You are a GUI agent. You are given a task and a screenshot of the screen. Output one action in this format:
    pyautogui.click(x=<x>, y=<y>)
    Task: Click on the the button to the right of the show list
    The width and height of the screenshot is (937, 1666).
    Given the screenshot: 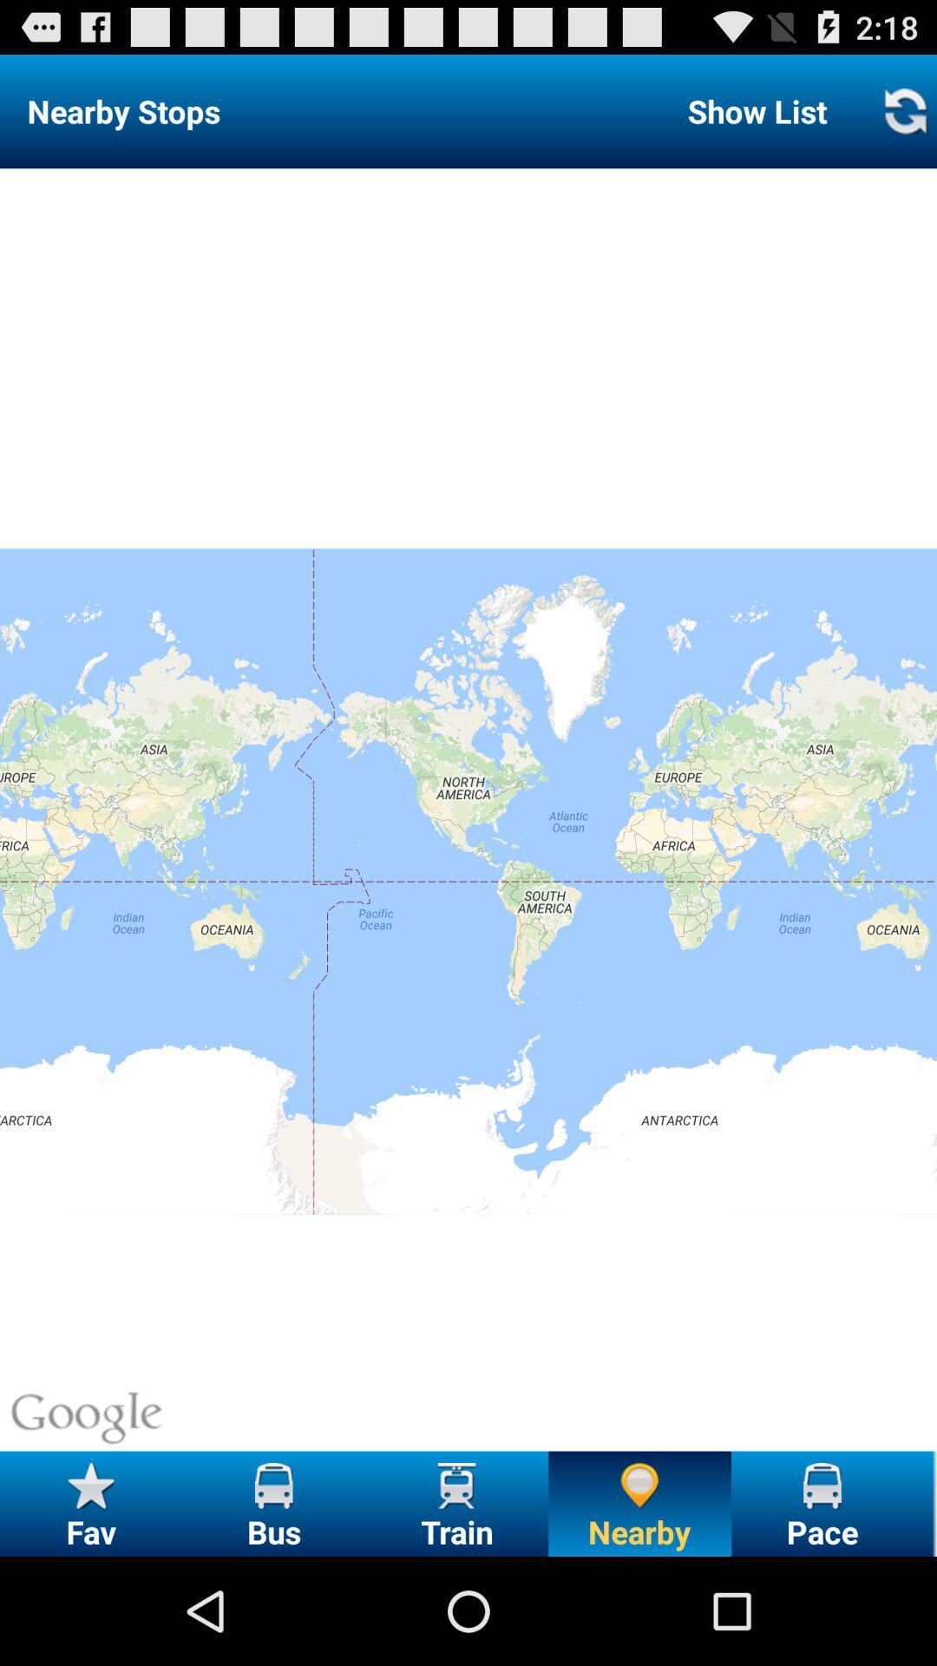 What is the action you would take?
    pyautogui.click(x=904, y=110)
    